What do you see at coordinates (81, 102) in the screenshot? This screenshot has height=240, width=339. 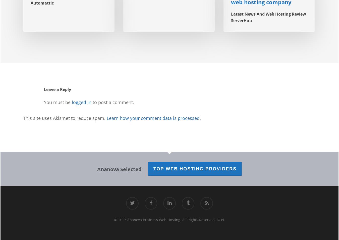 I see `'logged in'` at bounding box center [81, 102].